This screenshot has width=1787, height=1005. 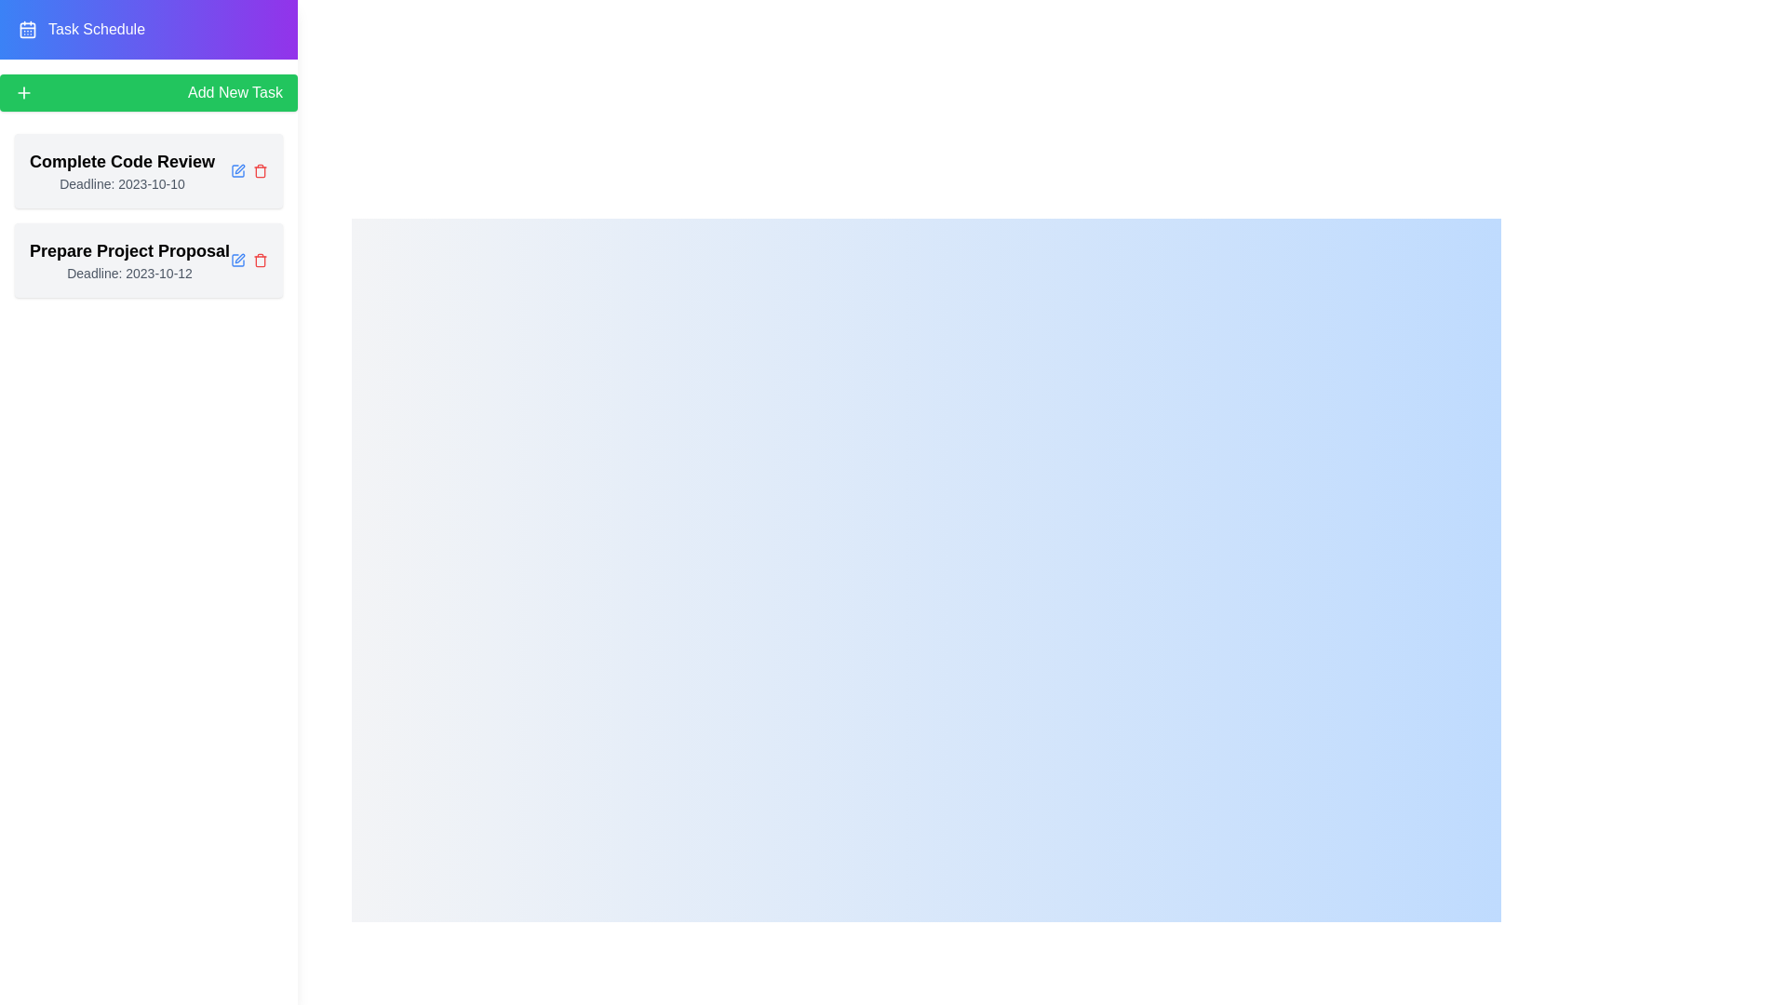 What do you see at coordinates (236, 261) in the screenshot?
I see `the edit button for the task titled 'Prepare Project Proposal'` at bounding box center [236, 261].